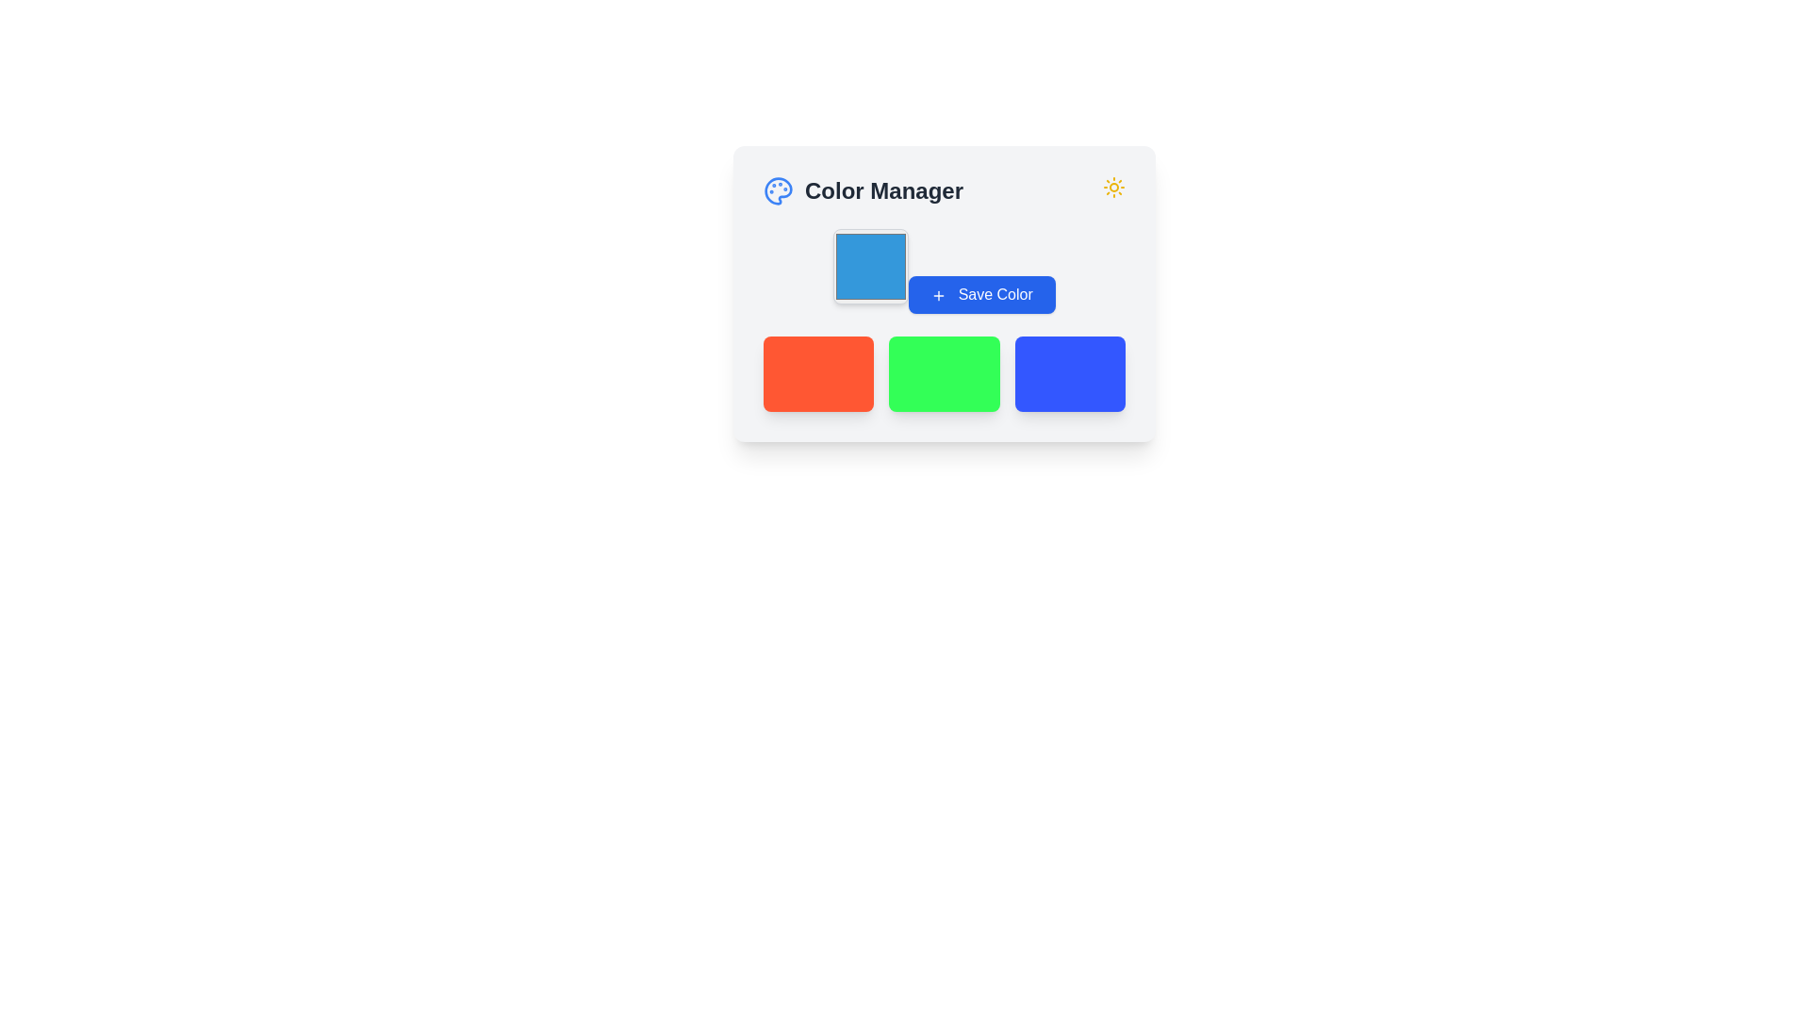  What do you see at coordinates (870, 266) in the screenshot?
I see `the color selection indicator located in the 'Color Manager' card, positioned to the left of the 'Save Color' button and above the color swatches` at bounding box center [870, 266].